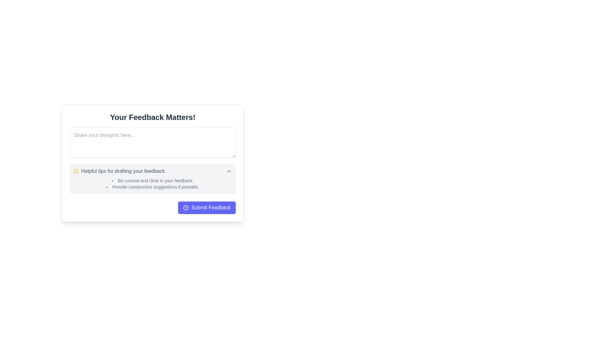 Image resolution: width=606 pixels, height=340 pixels. Describe the element at coordinates (153, 117) in the screenshot. I see `the prominent header text element reading 'Your Feedback Matters!' at the top of the feedback form interface` at that location.